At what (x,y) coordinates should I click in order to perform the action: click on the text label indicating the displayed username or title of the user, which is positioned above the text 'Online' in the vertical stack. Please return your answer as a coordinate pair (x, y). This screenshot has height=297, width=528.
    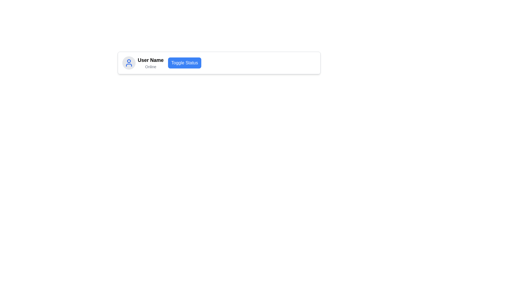
    Looking at the image, I should click on (150, 60).